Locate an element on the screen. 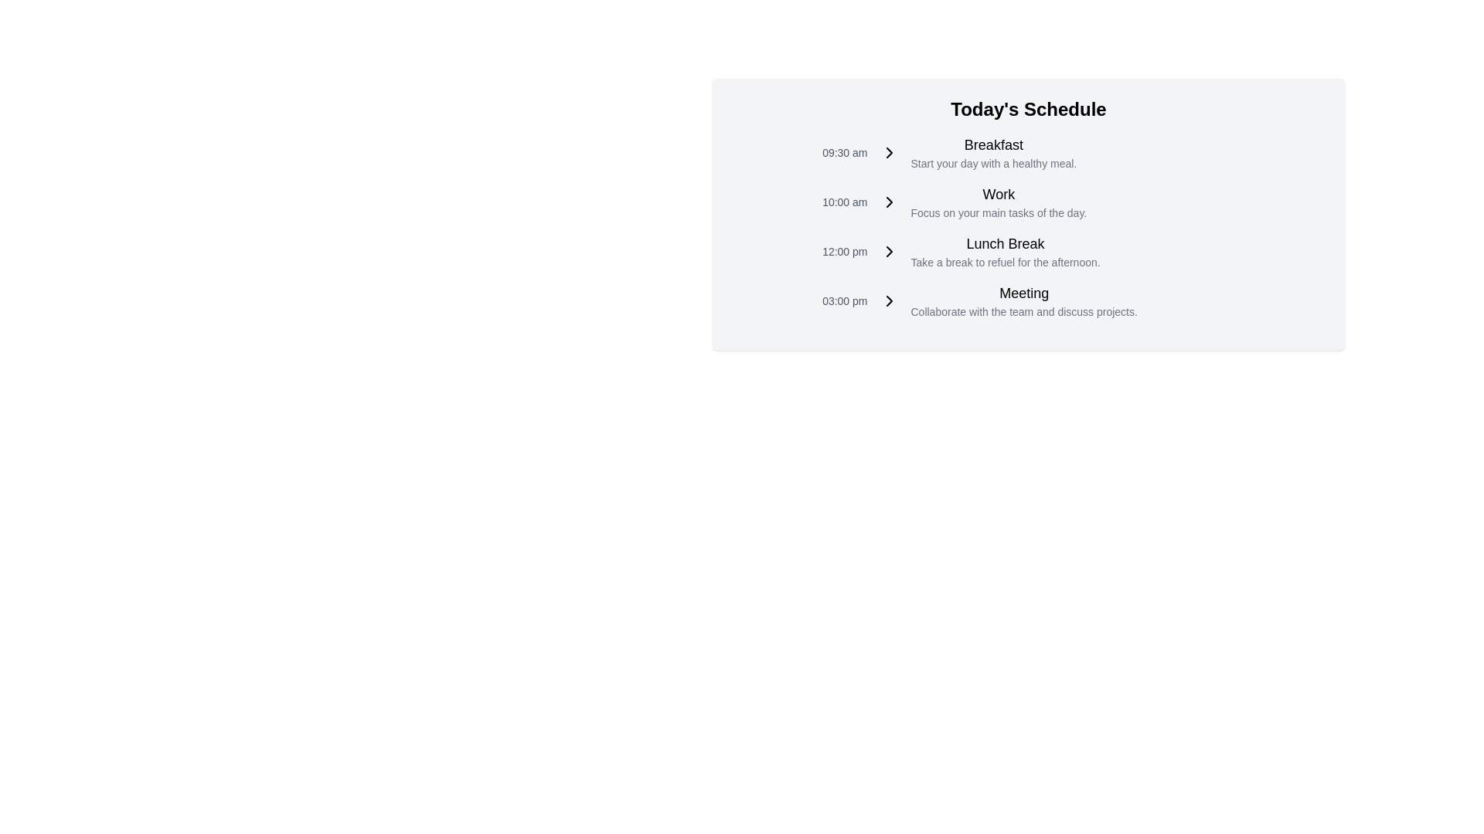 This screenshot has height=834, width=1484. the first entry in the 'Today's Schedule' section, which details a specific time, activity, and further description is located at coordinates (1028, 152).